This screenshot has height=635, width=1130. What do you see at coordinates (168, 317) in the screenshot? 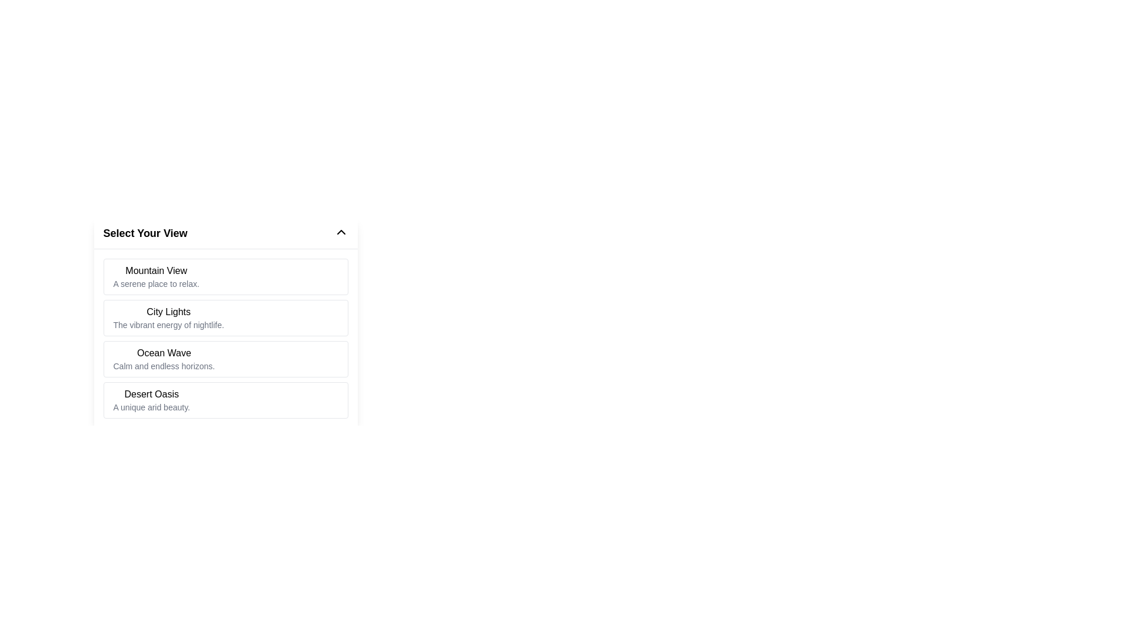
I see `the List item displaying the title 'City Lights'` at bounding box center [168, 317].